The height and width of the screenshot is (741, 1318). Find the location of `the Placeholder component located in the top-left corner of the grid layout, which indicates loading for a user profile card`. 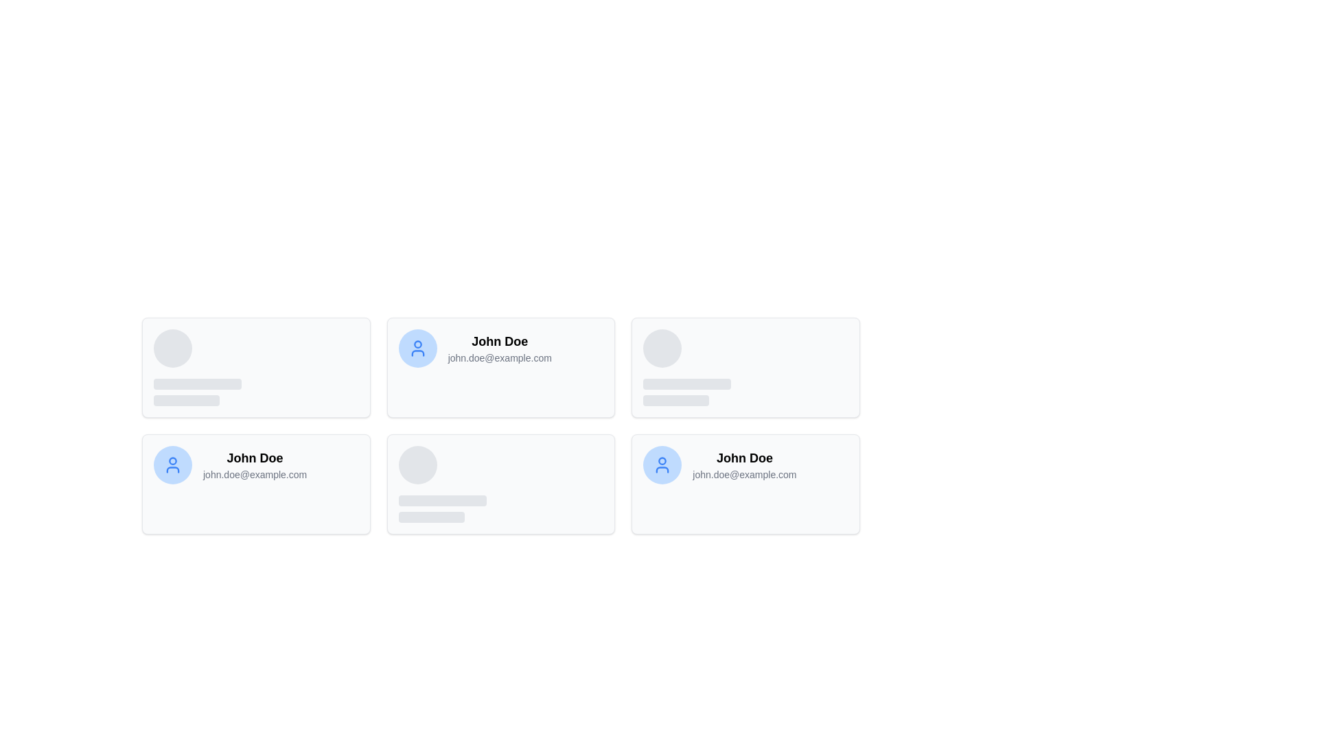

the Placeholder component located in the top-left corner of the grid layout, which indicates loading for a user profile card is located at coordinates (197, 367).